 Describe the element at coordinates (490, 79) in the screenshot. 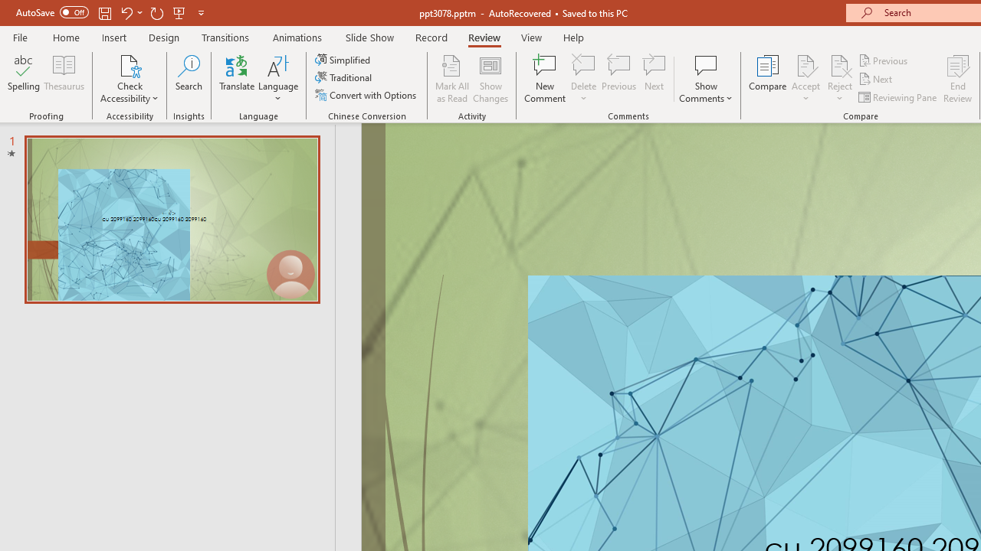

I see `'Show Changes'` at that location.